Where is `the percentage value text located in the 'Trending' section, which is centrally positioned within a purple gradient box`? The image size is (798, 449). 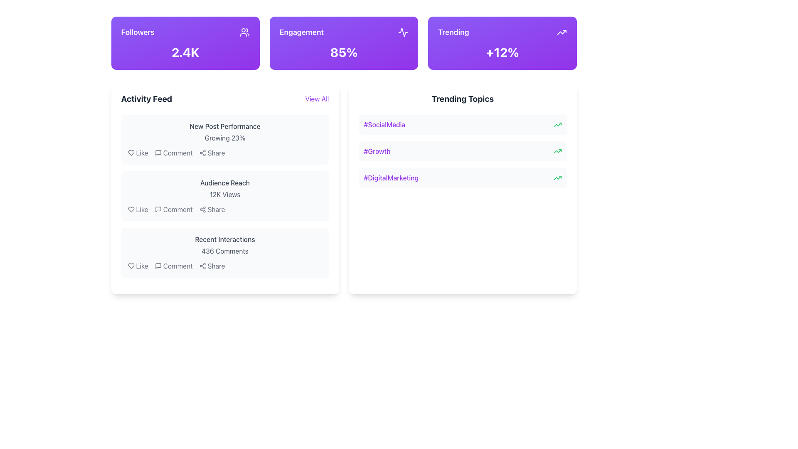
the percentage value text located in the 'Trending' section, which is centrally positioned within a purple gradient box is located at coordinates (502, 52).